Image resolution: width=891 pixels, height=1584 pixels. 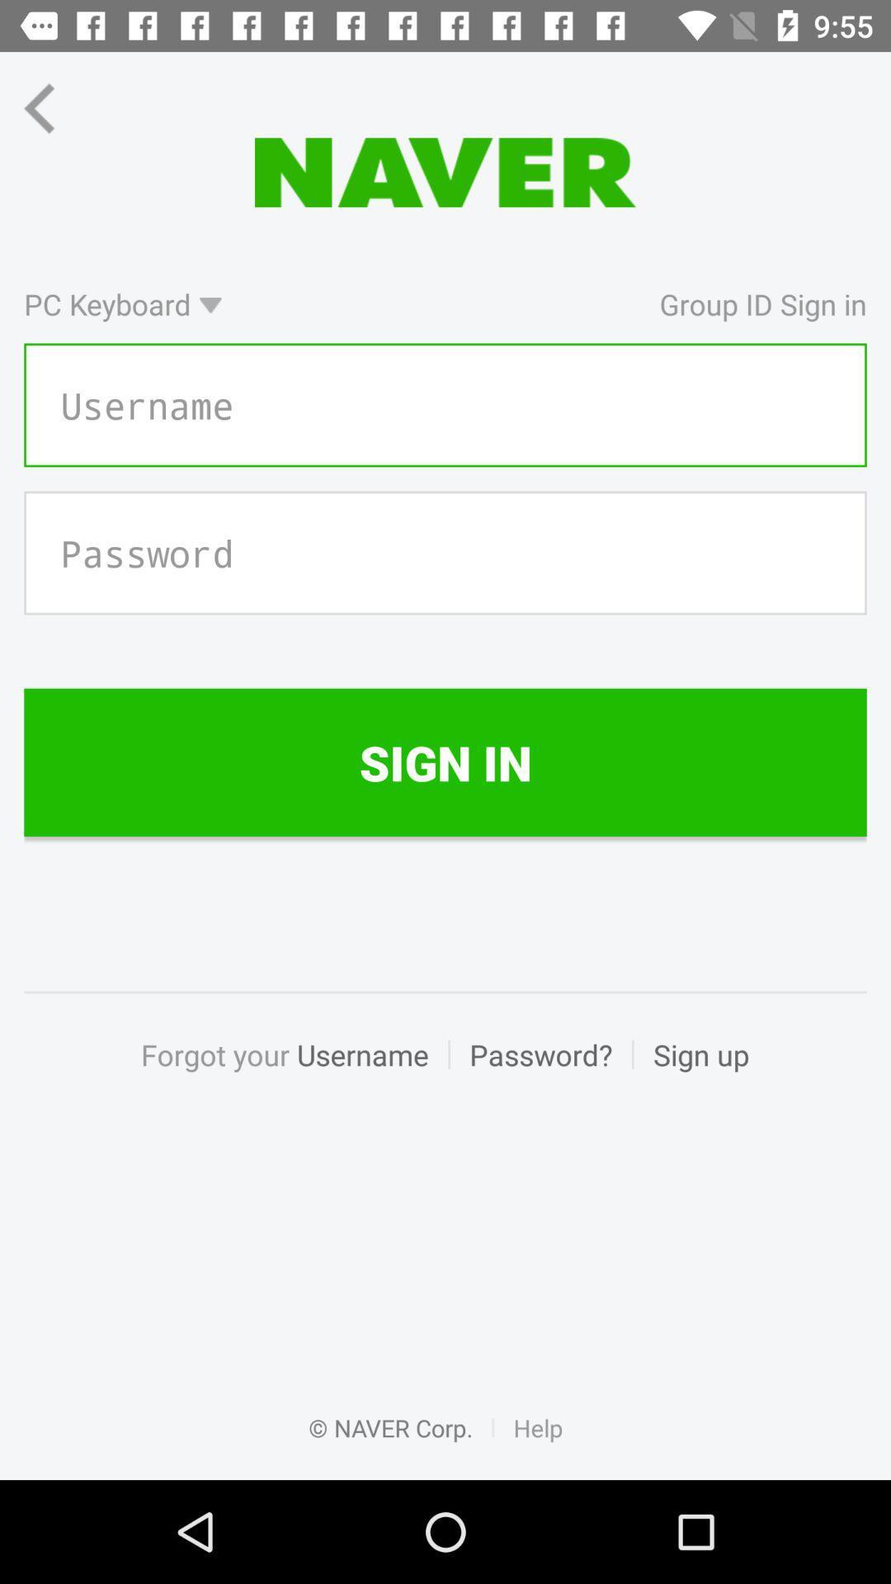 What do you see at coordinates (445, 553) in the screenshot?
I see `password` at bounding box center [445, 553].